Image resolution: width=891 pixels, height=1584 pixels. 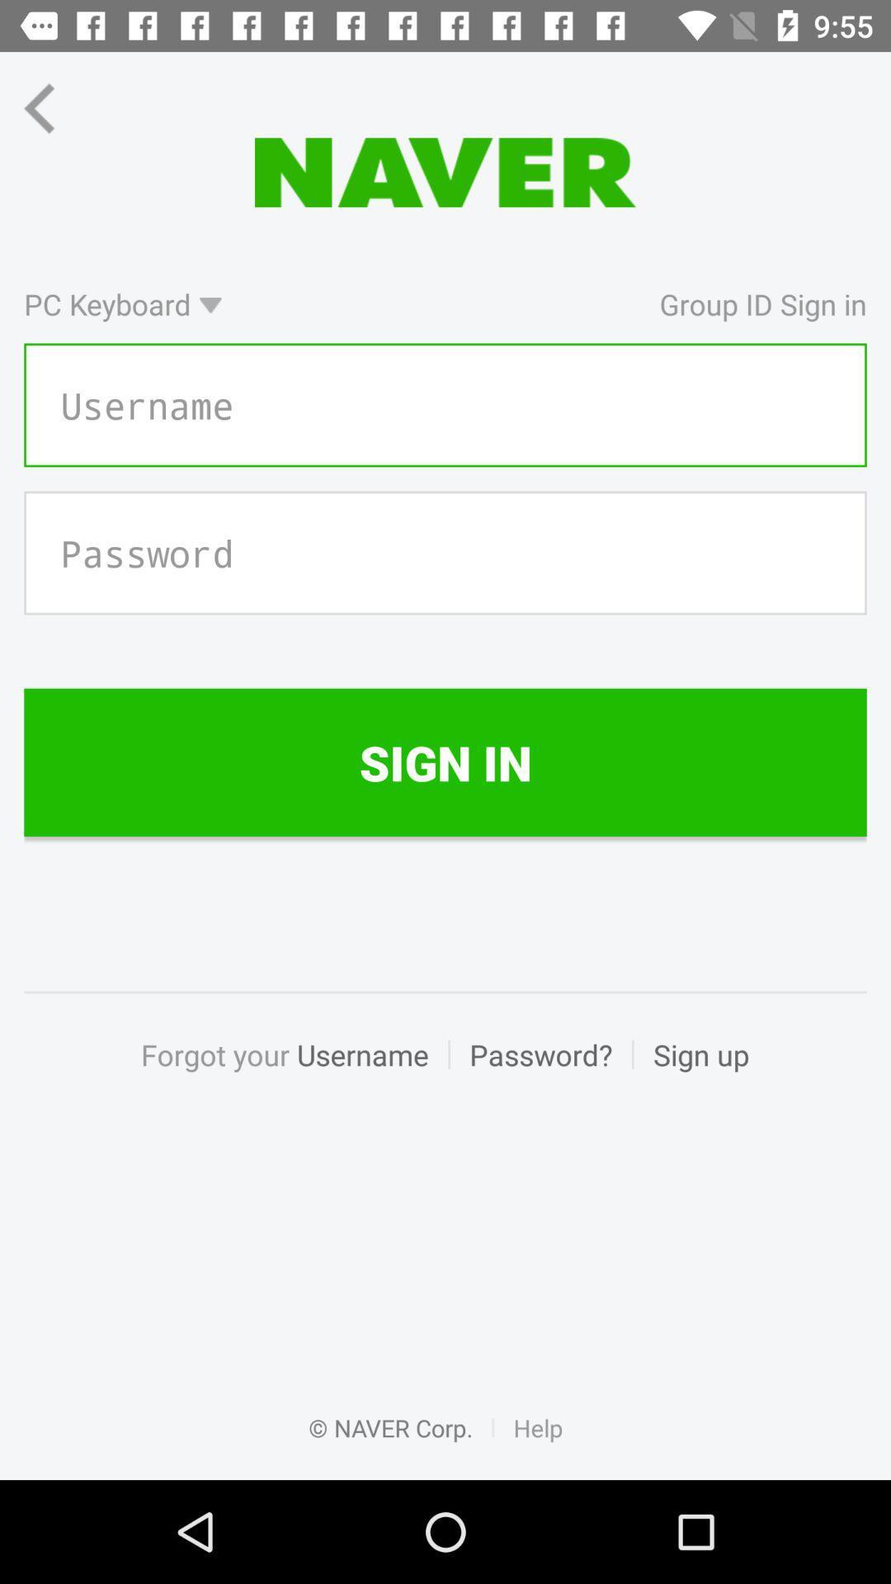 What do you see at coordinates (445, 553) in the screenshot?
I see `password` at bounding box center [445, 553].